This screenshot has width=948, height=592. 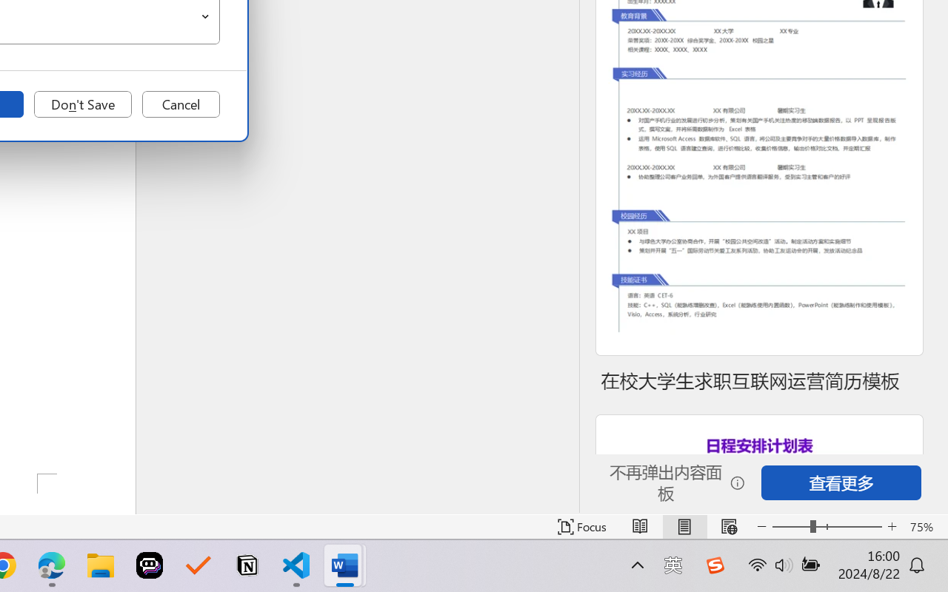 I want to click on 'Focus ', so click(x=581, y=526).